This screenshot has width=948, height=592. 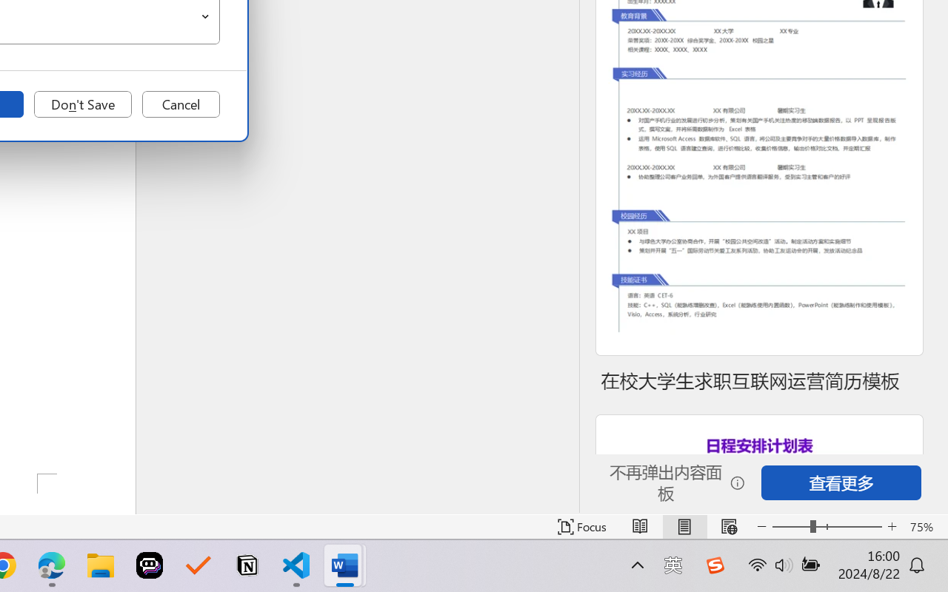 I want to click on 'Focus ', so click(x=581, y=526).